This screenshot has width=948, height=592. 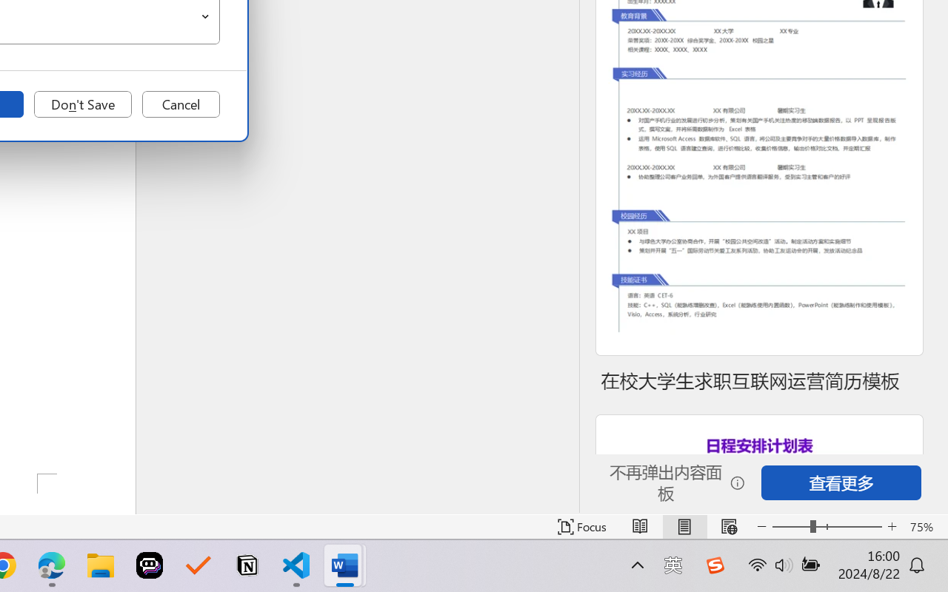 I want to click on 'Focus ', so click(x=581, y=526).